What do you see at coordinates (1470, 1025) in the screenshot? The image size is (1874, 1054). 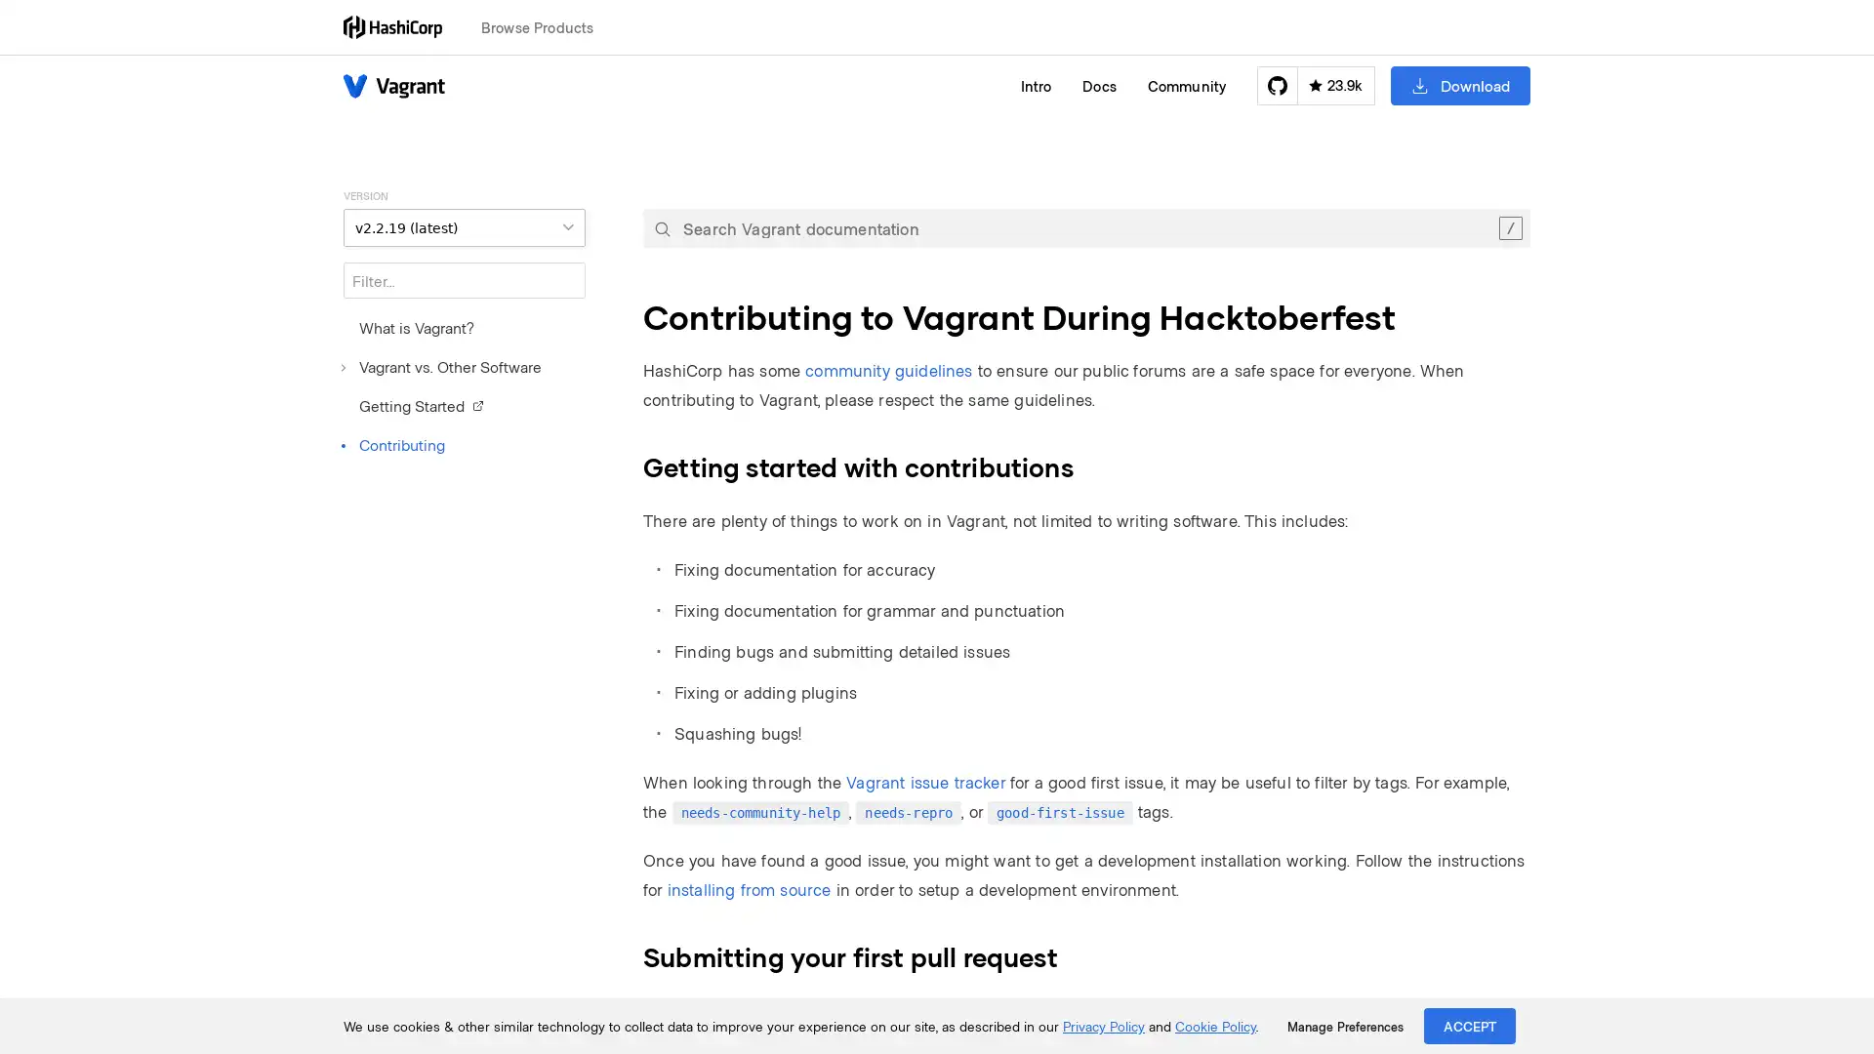 I see `ACCEPT` at bounding box center [1470, 1025].